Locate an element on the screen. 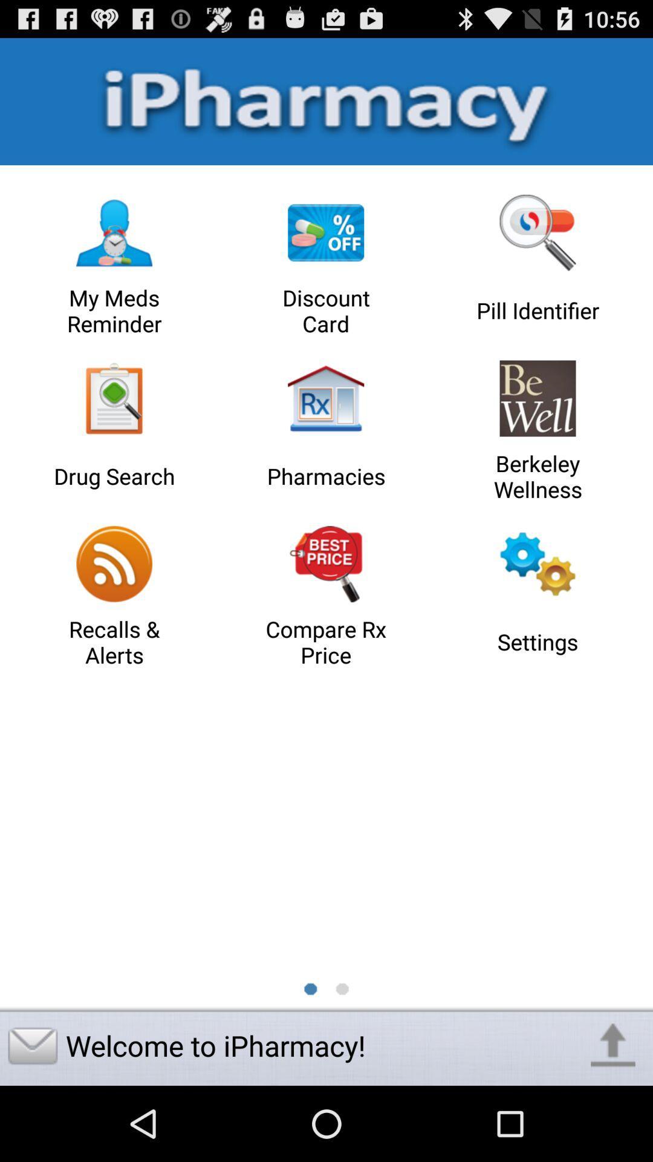  to upload is located at coordinates (613, 1045).